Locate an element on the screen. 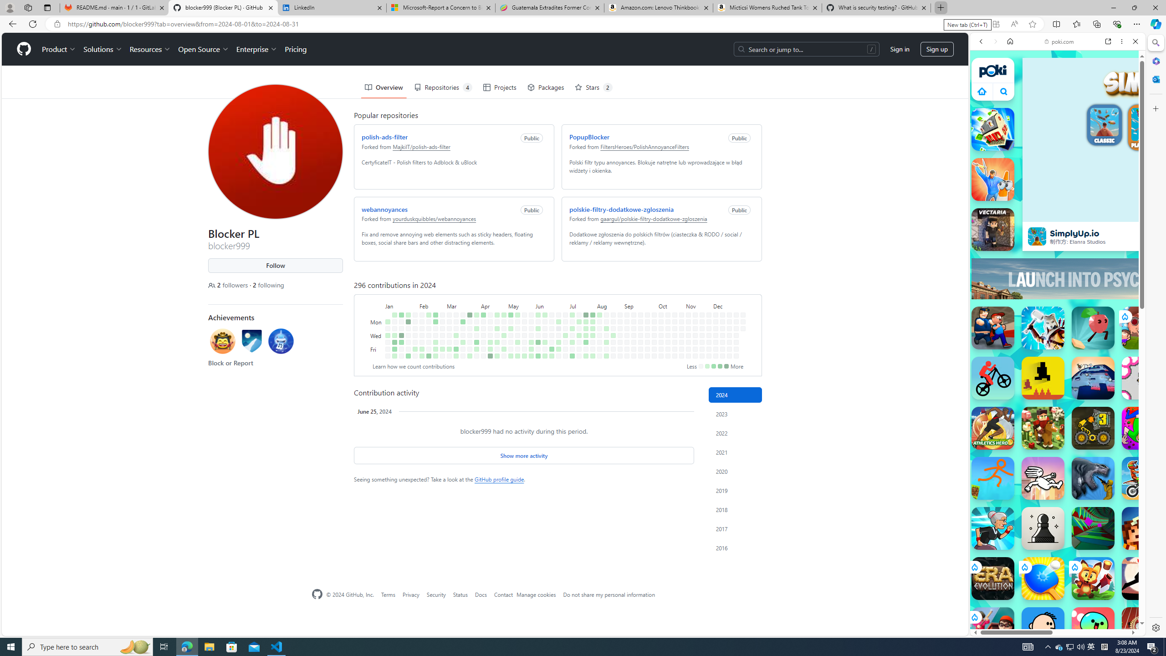 The image size is (1166, 656). '3 contributions on April 27th.' is located at coordinates (497, 356).